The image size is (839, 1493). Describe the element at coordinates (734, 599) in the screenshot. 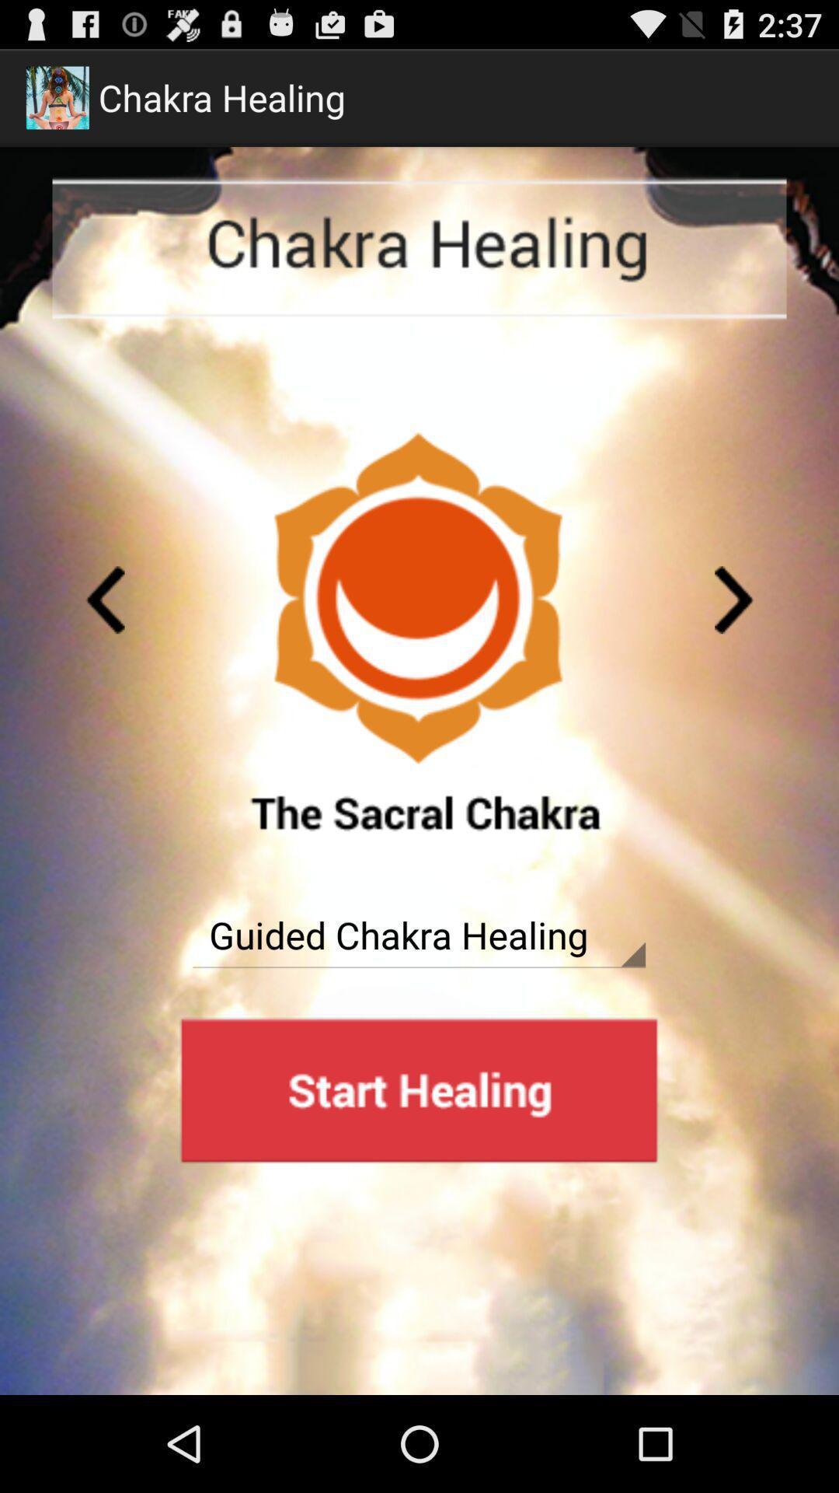

I see `next button` at that location.